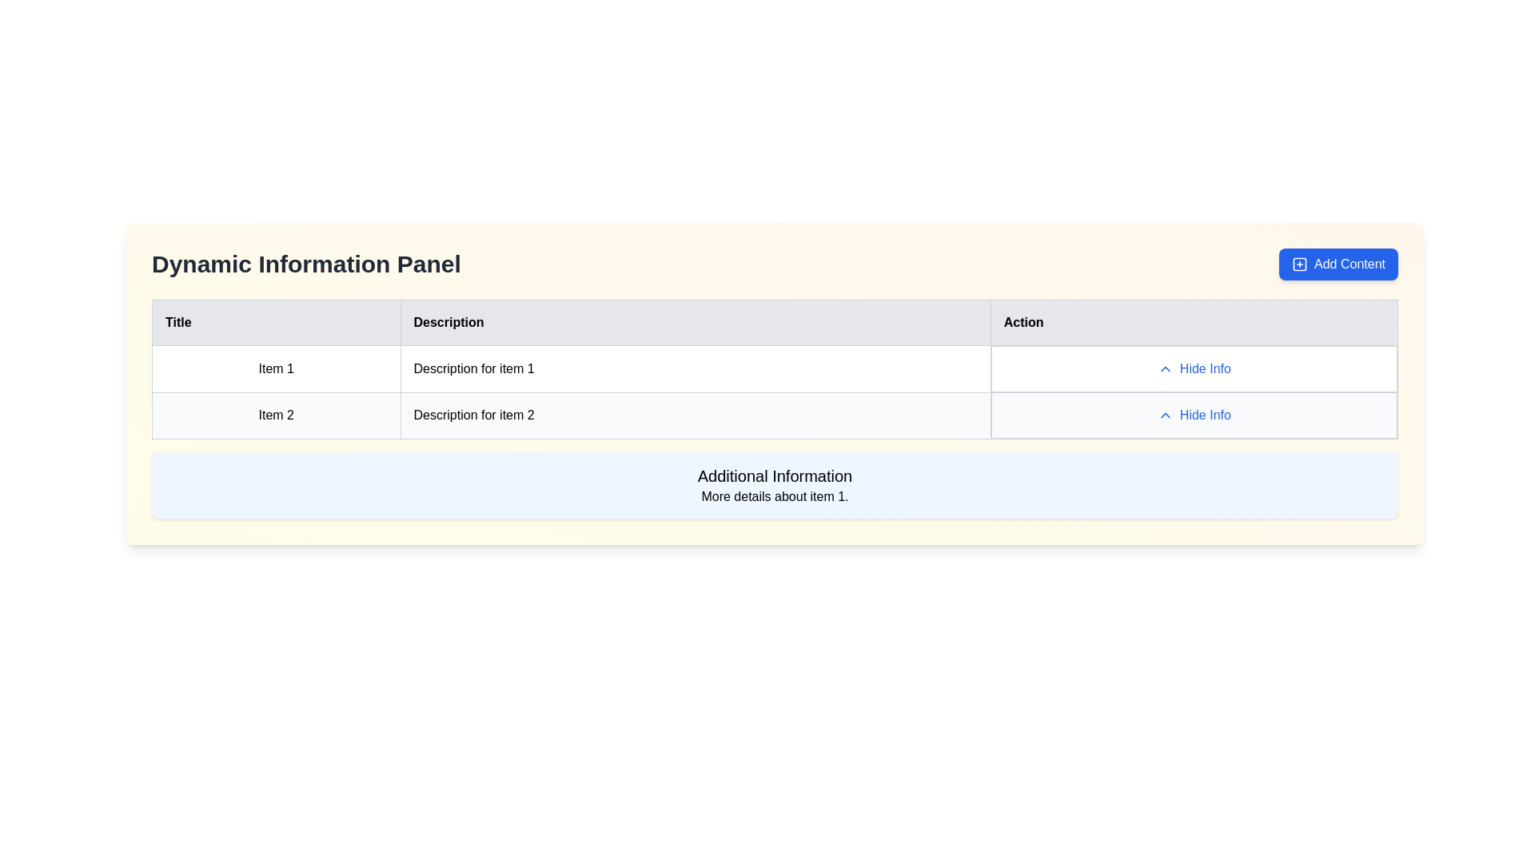  What do you see at coordinates (1194, 415) in the screenshot?
I see `the interactive text link labeled 'Hide Info' with an upward arrow icon in the 'Action' column of the 'Item 2' panel to hide information` at bounding box center [1194, 415].